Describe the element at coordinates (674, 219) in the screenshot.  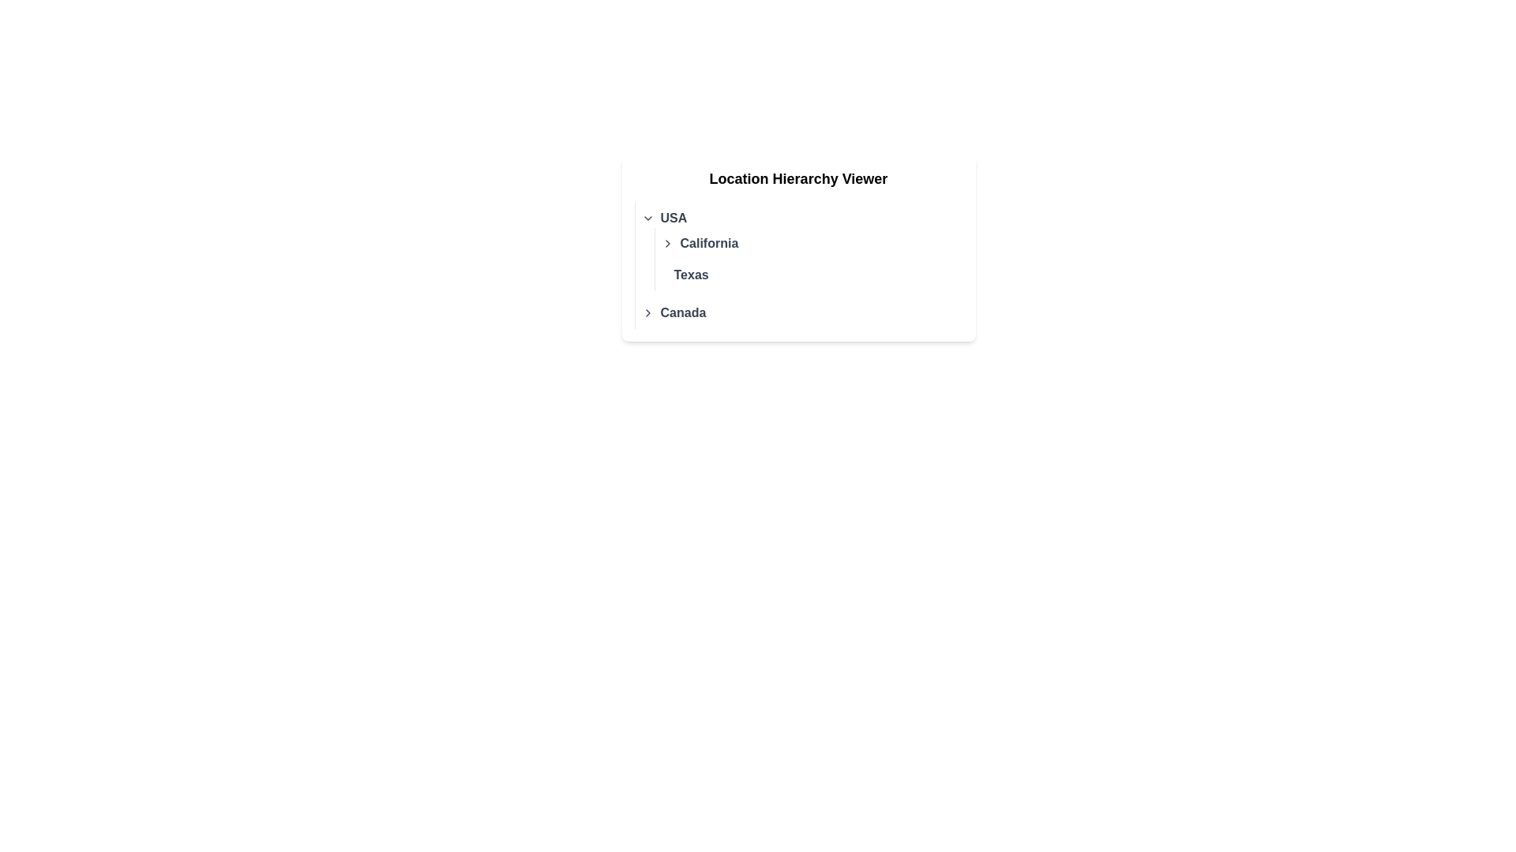
I see `the 'USA' text label within the Location Hierarchy Viewer` at that location.